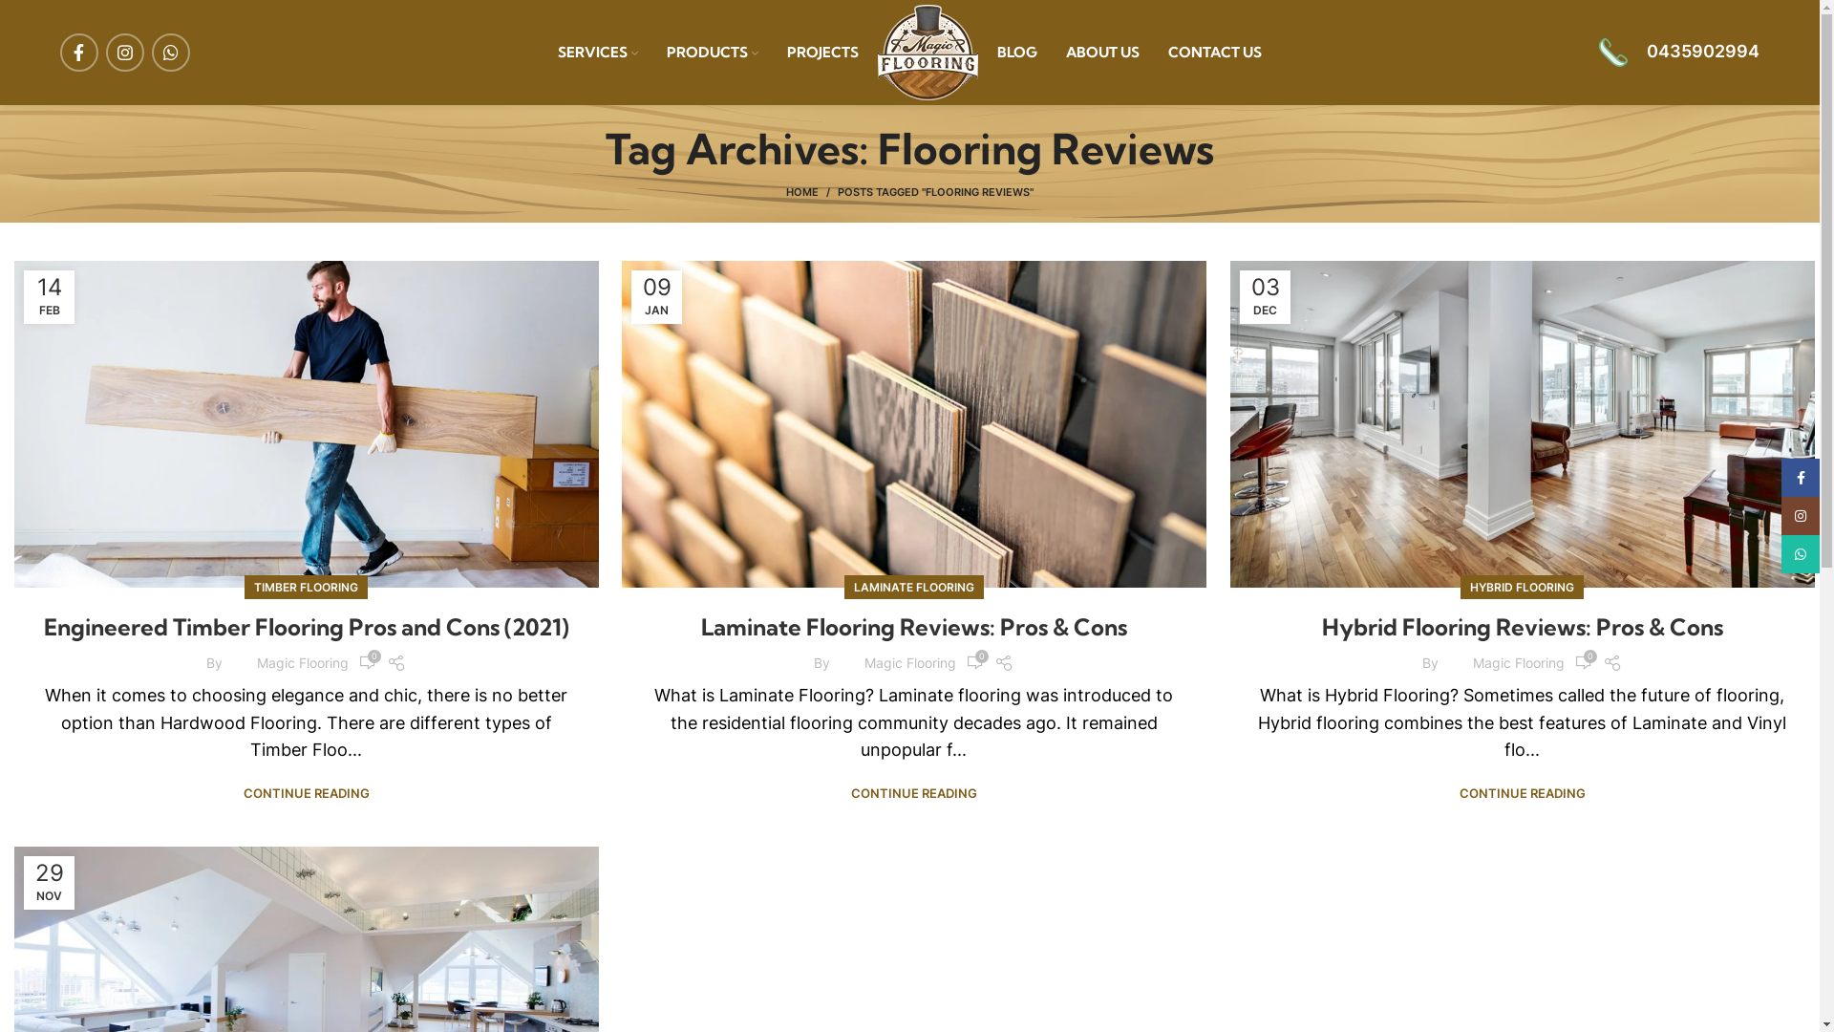  Describe the element at coordinates (49, 297) in the screenshot. I see `'14` at that location.